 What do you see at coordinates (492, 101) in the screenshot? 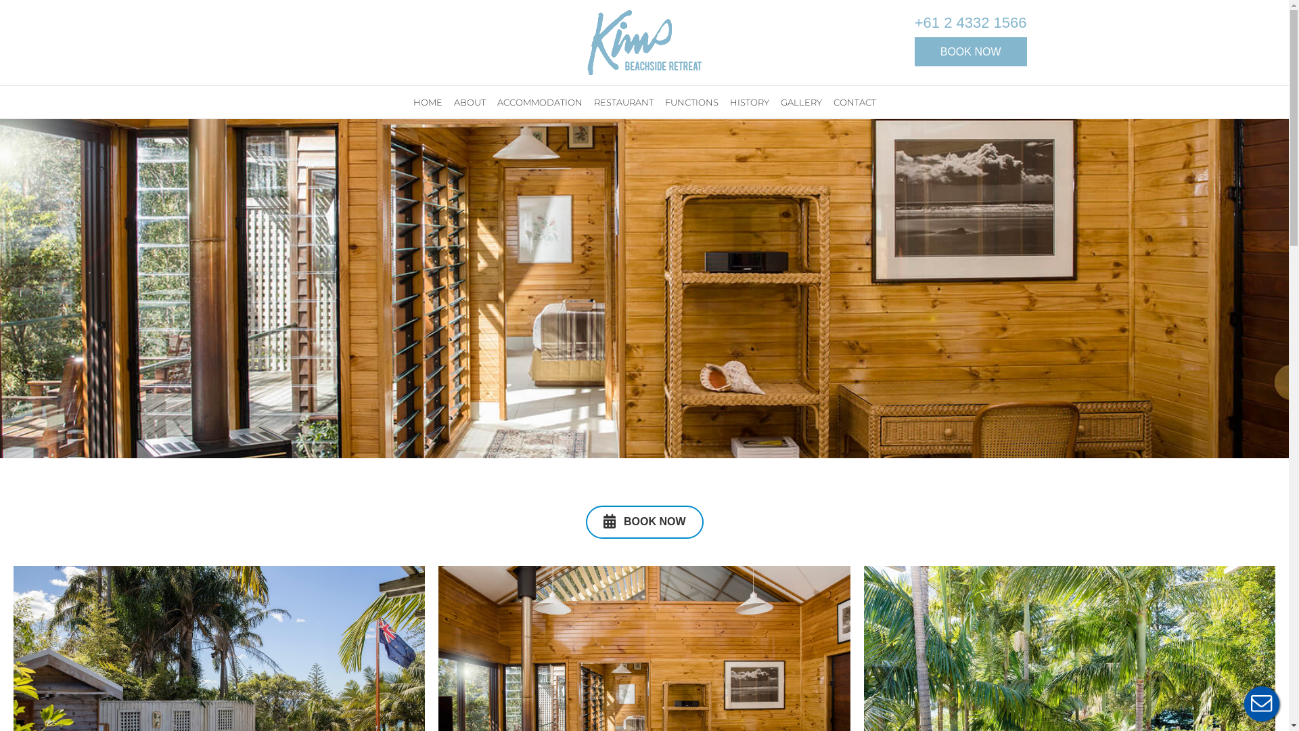
I see `'ACCOMMODATION'` at bounding box center [492, 101].